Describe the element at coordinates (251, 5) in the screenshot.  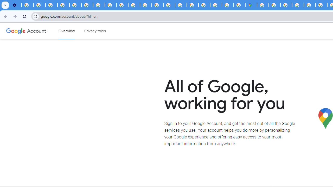
I see `'Google Maps'` at that location.